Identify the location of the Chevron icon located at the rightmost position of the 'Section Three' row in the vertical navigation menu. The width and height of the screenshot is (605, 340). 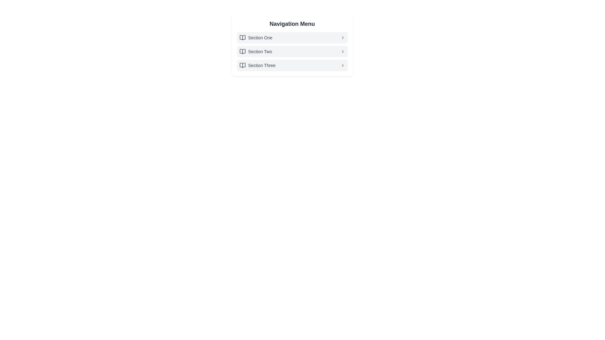
(342, 65).